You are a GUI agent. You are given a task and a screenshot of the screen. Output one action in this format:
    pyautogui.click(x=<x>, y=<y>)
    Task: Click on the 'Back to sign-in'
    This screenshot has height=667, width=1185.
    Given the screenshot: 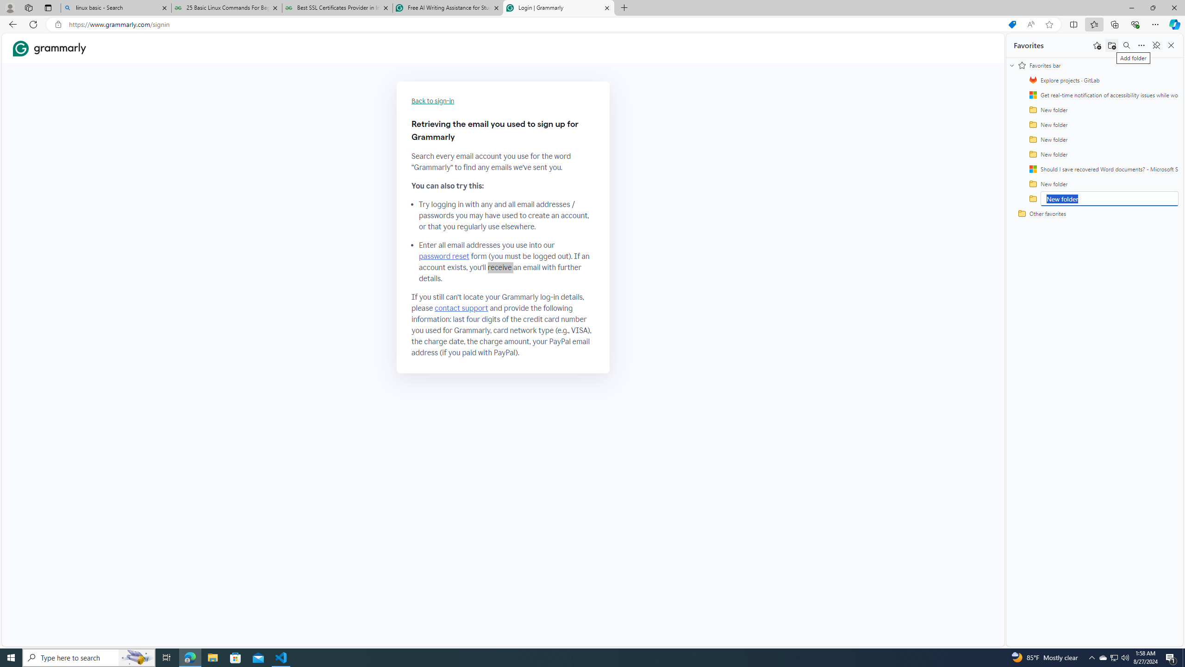 What is the action you would take?
    pyautogui.click(x=432, y=101)
    